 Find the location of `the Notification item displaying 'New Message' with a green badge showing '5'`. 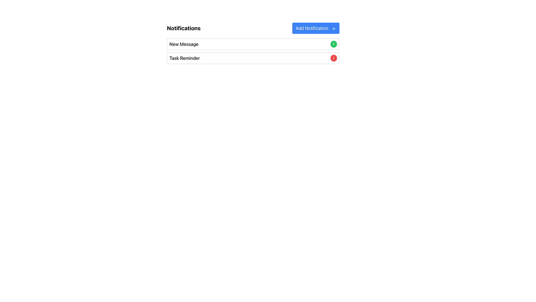

the Notification item displaying 'New Message' with a green badge showing '5' is located at coordinates (253, 44).